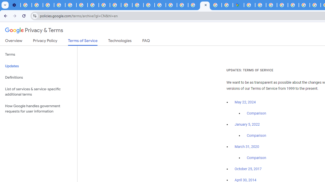 The image size is (325, 182). I want to click on 'How Google handles government requests for user information', so click(38, 108).